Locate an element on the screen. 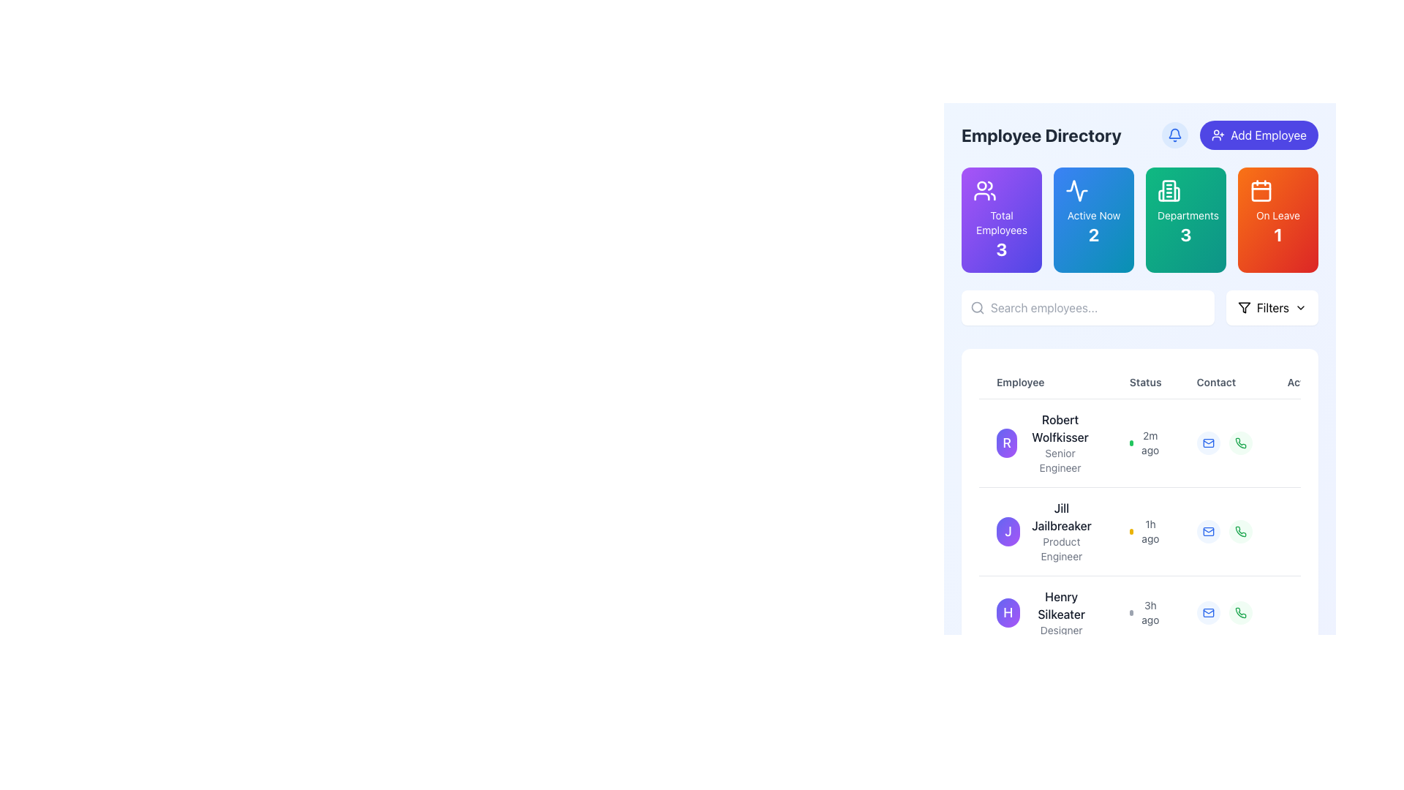  the 'Contact' text label in the header row of the data table, which appears styled with a light font weight and gray color is located at coordinates (1224, 382).